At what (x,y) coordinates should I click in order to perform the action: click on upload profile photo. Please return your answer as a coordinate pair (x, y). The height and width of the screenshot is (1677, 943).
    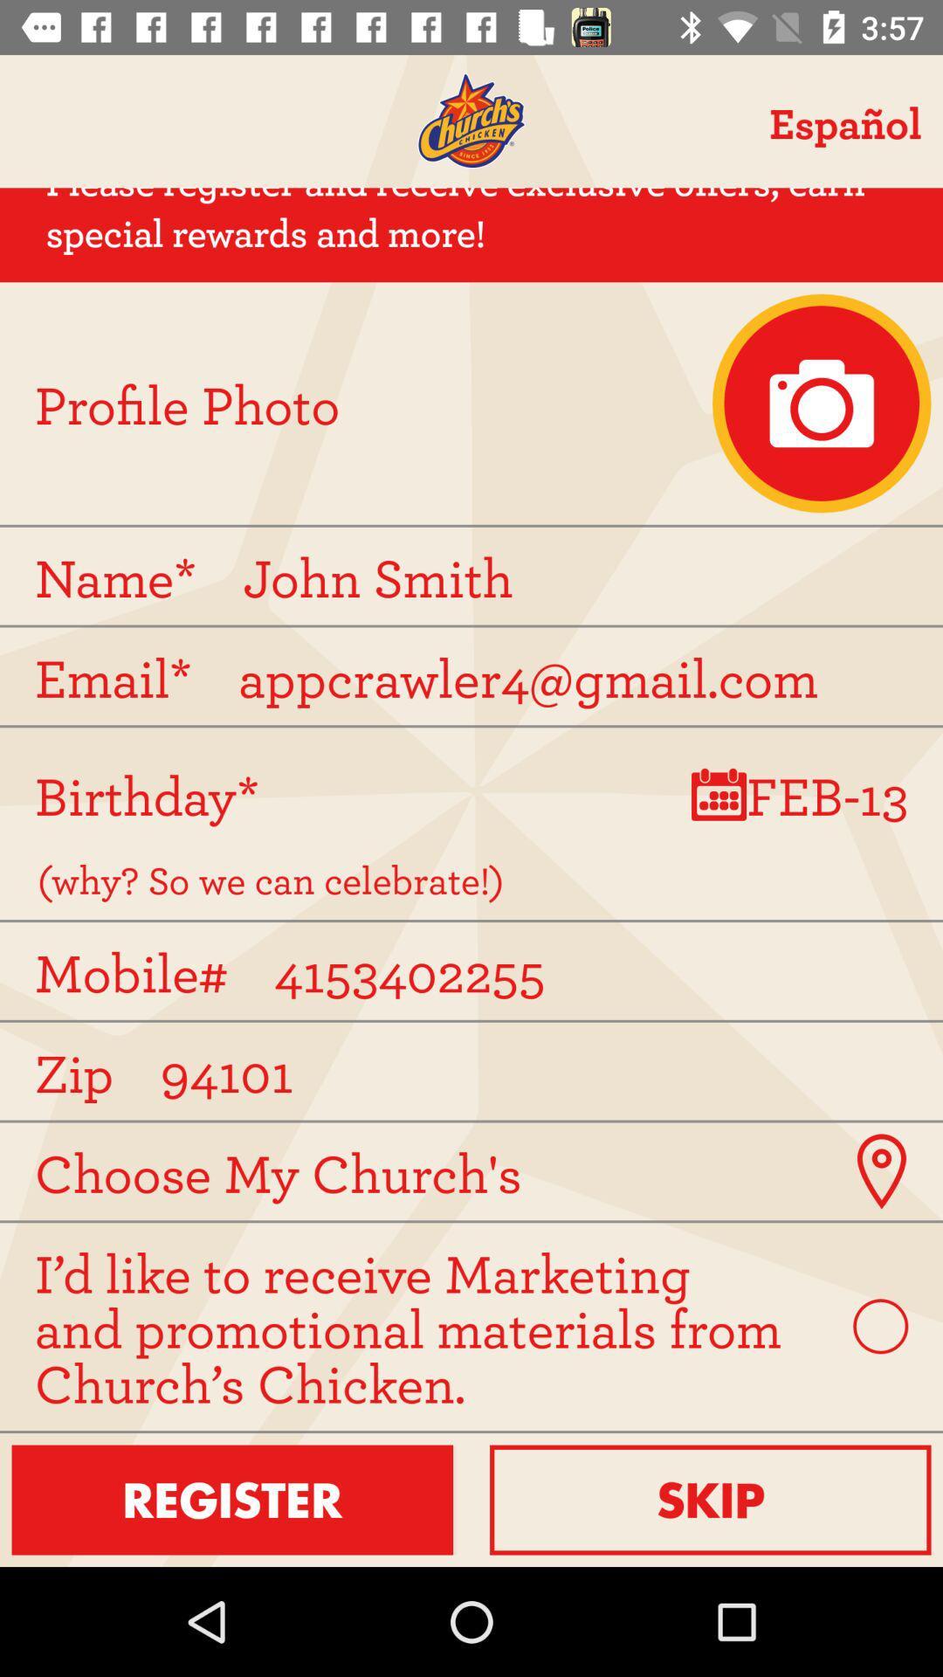
    Looking at the image, I should click on (822, 402).